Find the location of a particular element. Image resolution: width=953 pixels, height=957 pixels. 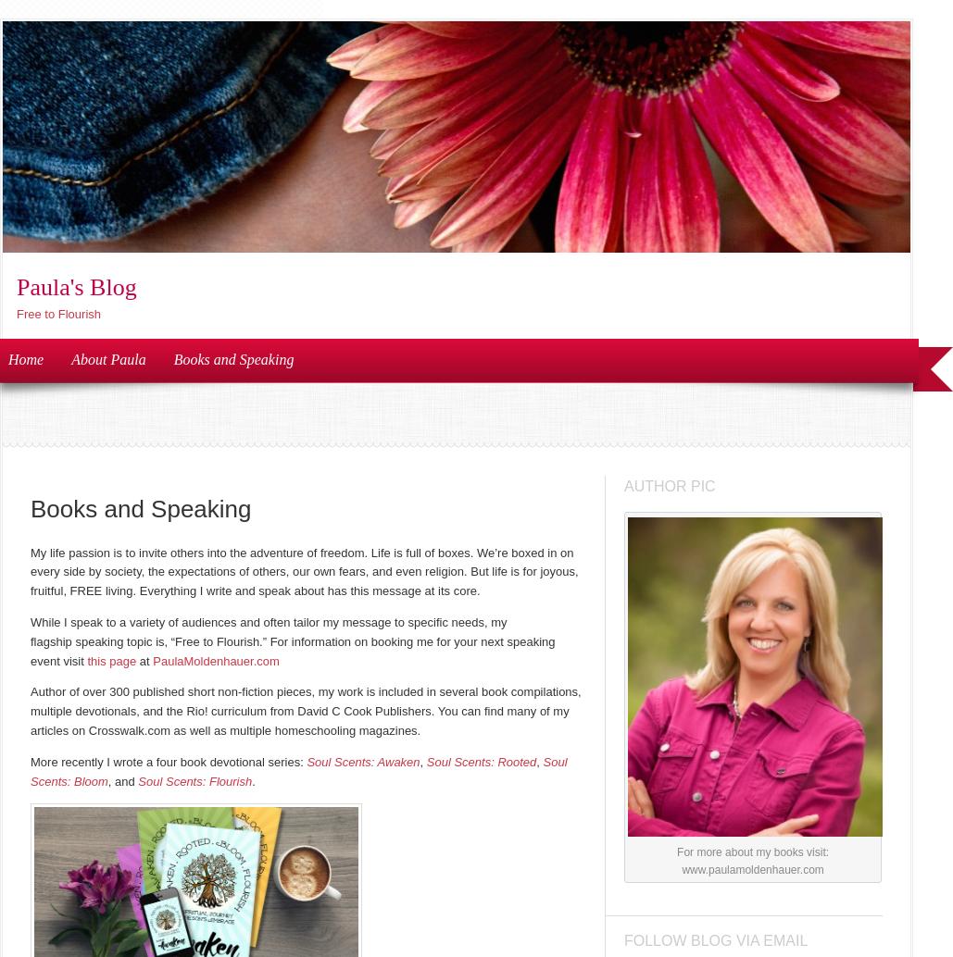

'Free to Flourish' is located at coordinates (58, 313).